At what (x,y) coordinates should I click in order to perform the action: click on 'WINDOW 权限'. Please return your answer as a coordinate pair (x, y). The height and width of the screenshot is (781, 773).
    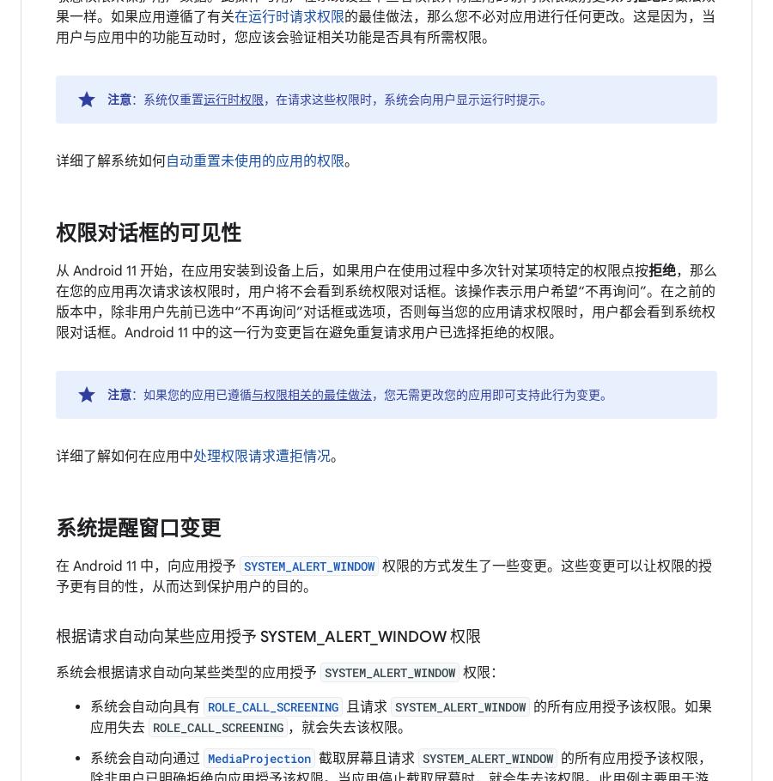
    Looking at the image, I should click on (378, 636).